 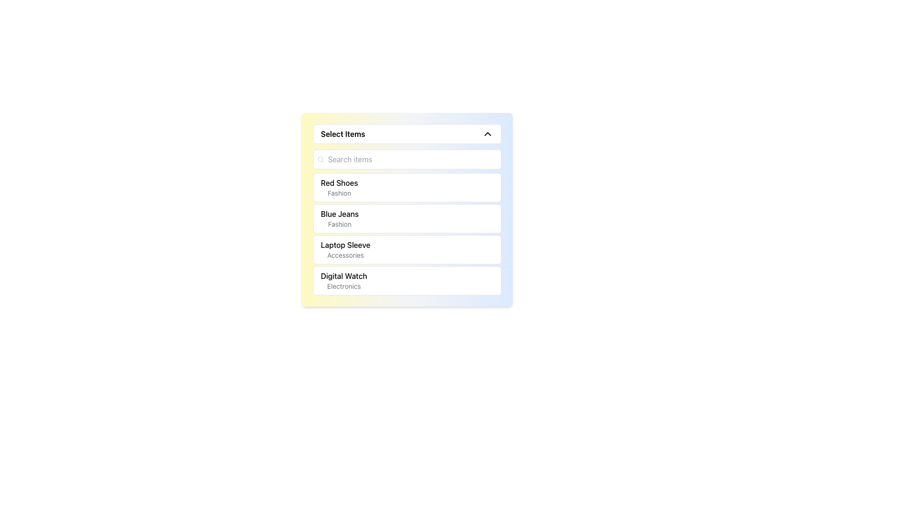 What do you see at coordinates (321, 159) in the screenshot?
I see `the search/filter icon located to the left of the text input field under the 'Select Items' header` at bounding box center [321, 159].